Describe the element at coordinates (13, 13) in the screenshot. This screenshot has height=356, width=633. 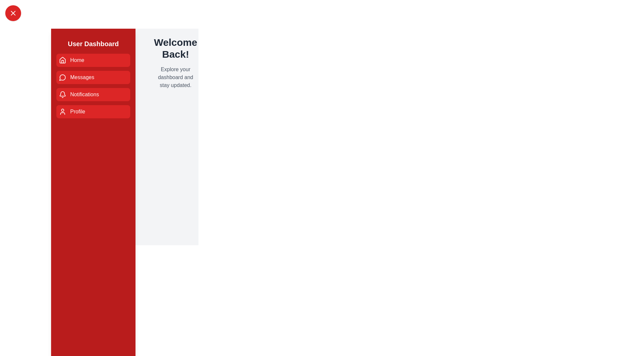
I see `toggle button to toggle the sidebar drawer` at that location.